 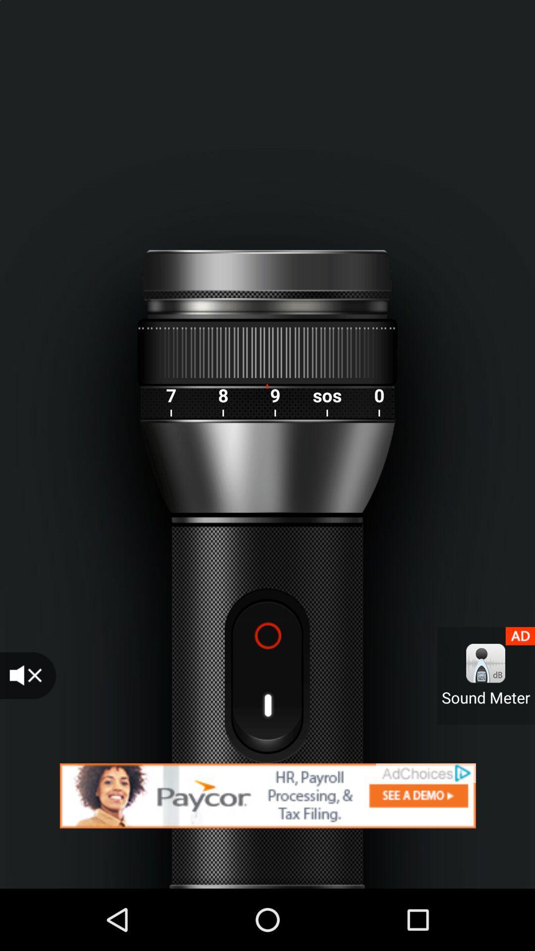 I want to click on the volume icon, so click(x=27, y=675).